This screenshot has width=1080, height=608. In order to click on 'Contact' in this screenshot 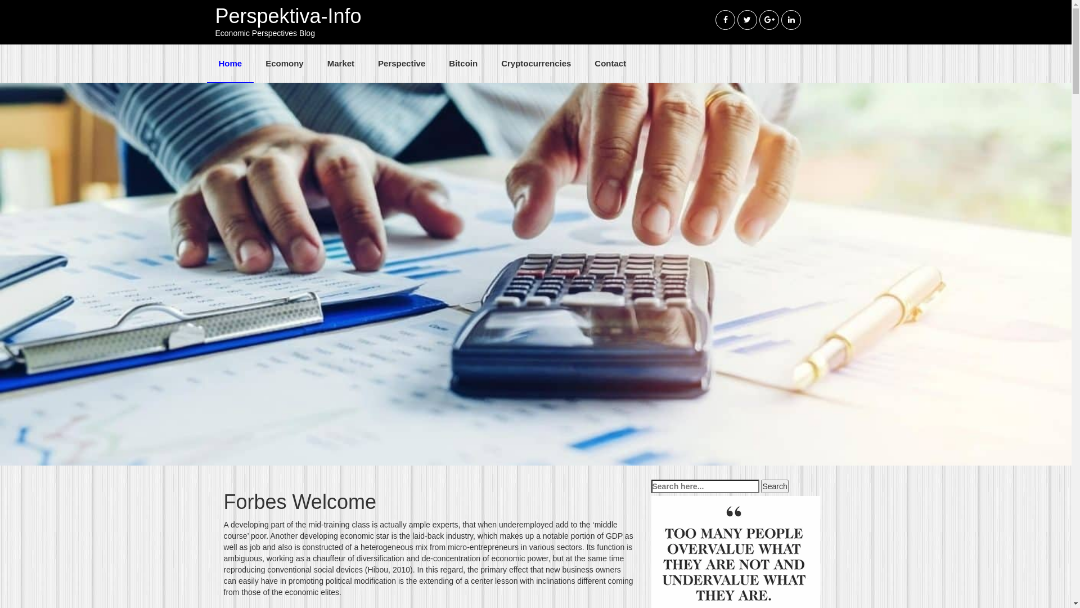, I will do `click(609, 63)`.